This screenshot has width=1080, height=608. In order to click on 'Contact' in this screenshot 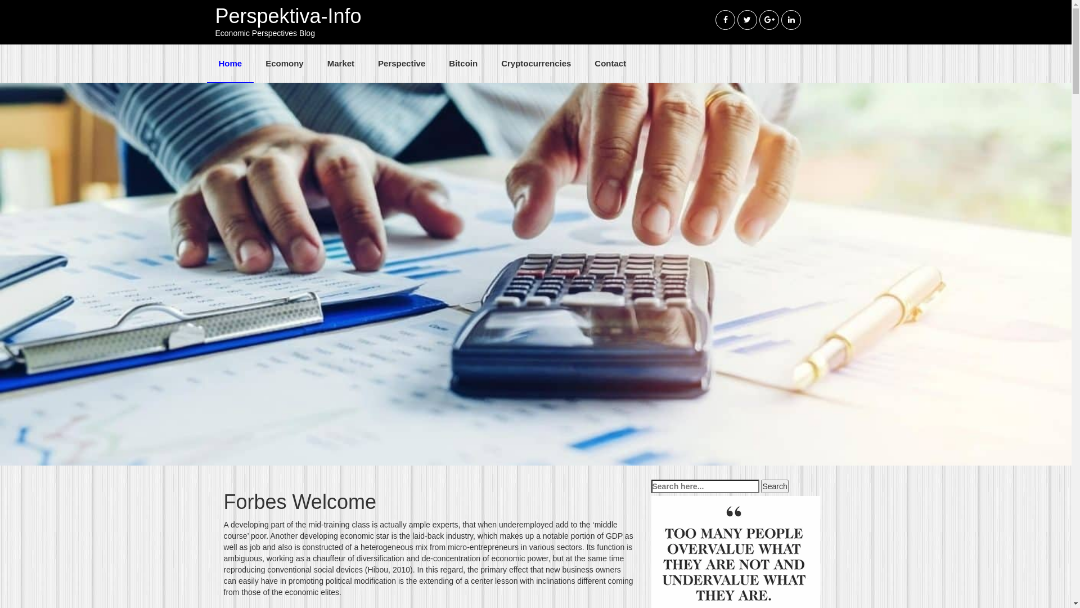, I will do `click(609, 63)`.